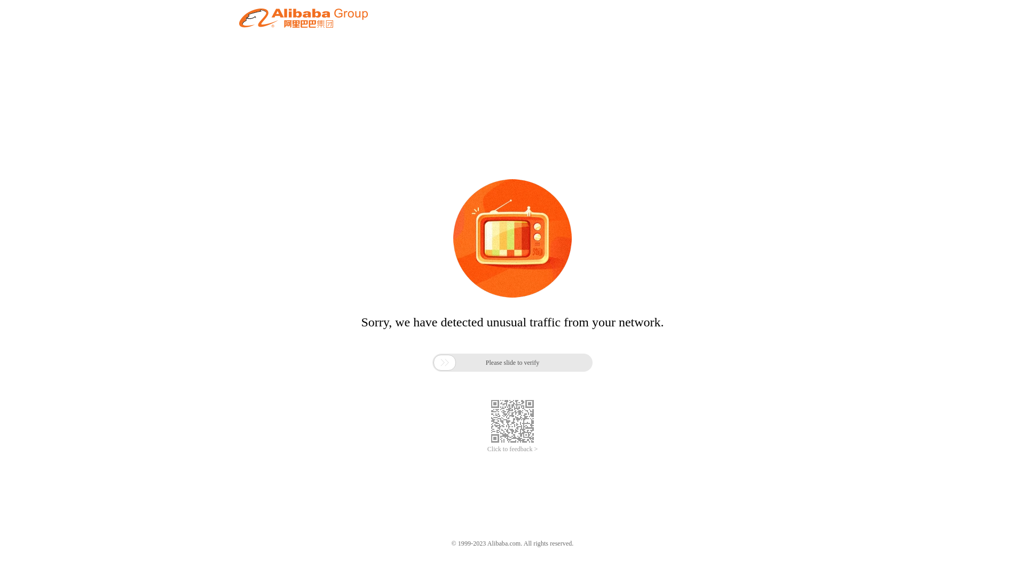 Image resolution: width=1025 pixels, height=576 pixels. Describe the element at coordinates (512, 449) in the screenshot. I see `'Click to feedback >'` at that location.